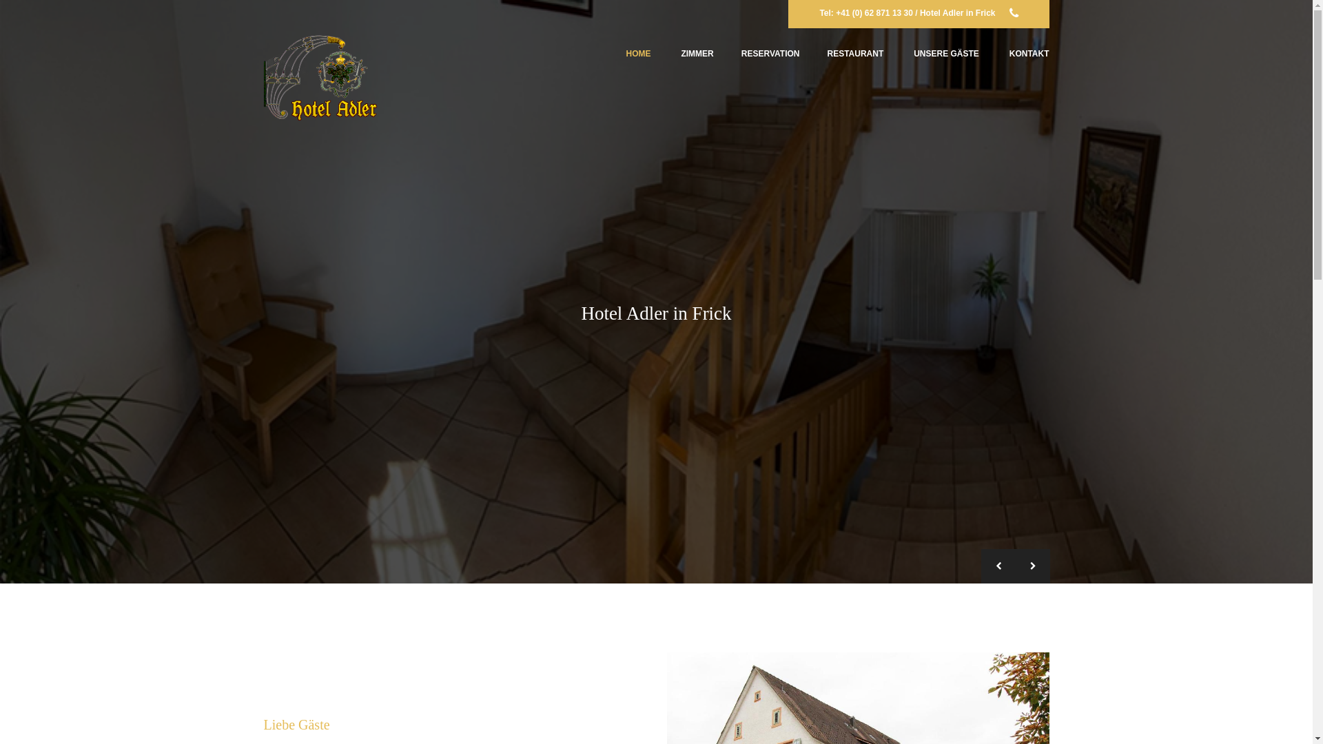  What do you see at coordinates (697, 53) in the screenshot?
I see `'ZIMMER'` at bounding box center [697, 53].